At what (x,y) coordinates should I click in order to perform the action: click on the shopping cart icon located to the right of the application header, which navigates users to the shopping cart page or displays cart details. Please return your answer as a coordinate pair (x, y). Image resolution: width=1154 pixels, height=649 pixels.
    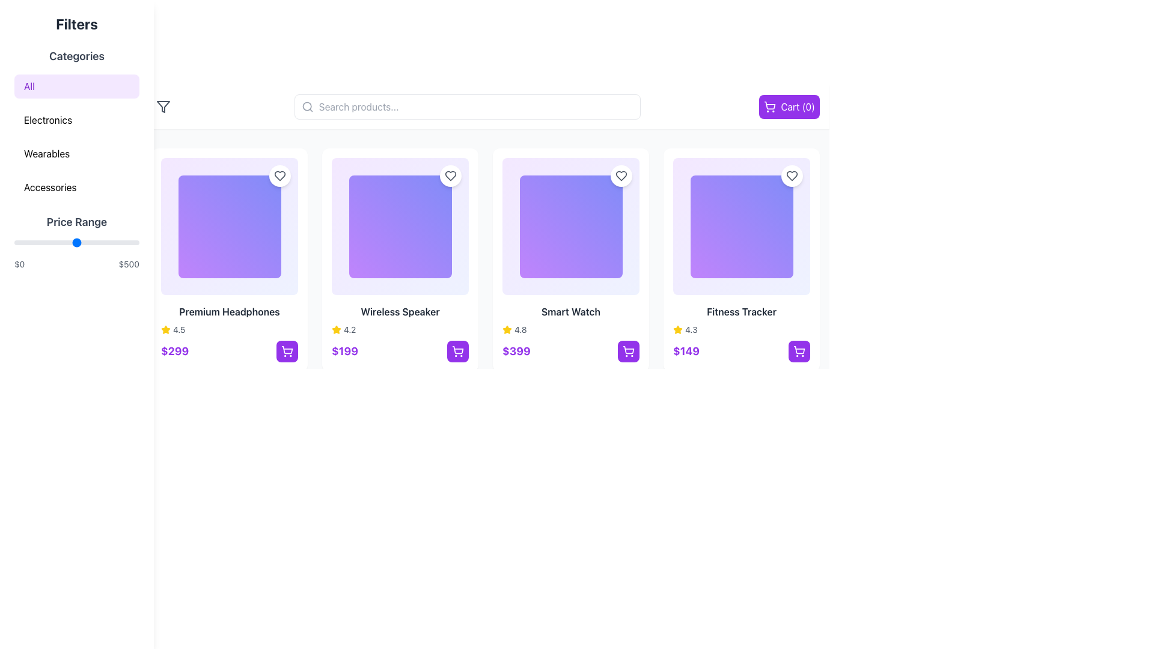
    Looking at the image, I should click on (770, 104).